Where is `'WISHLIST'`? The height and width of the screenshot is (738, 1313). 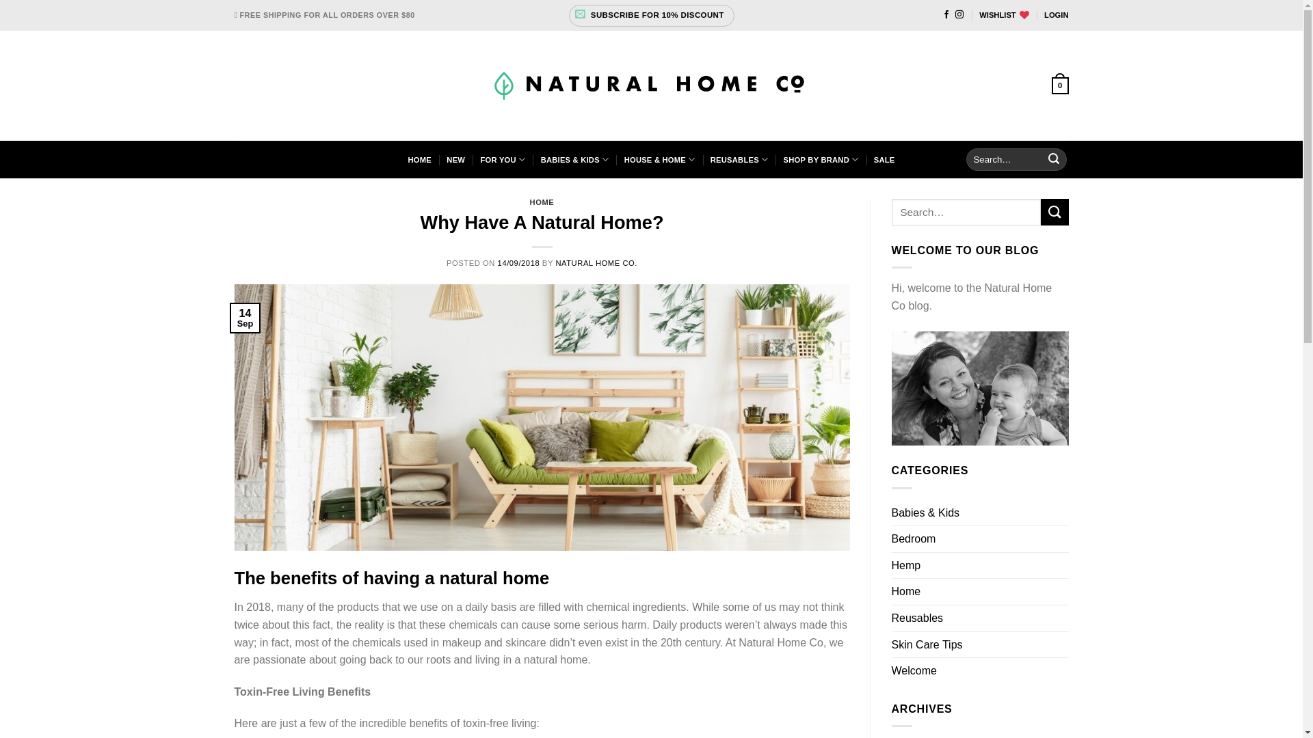
'WISHLIST' is located at coordinates (978, 16).